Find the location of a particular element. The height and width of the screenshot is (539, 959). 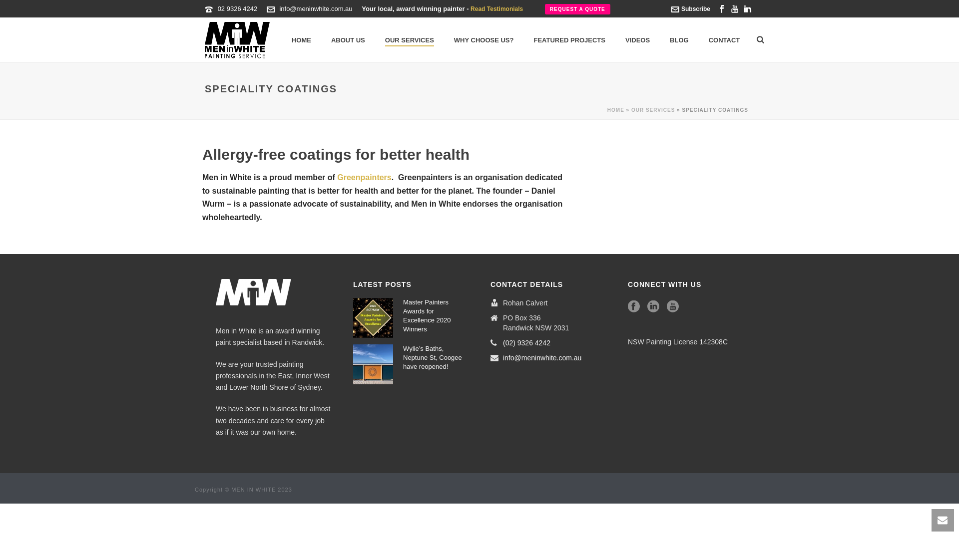

'VIDEOS' is located at coordinates (637, 40).